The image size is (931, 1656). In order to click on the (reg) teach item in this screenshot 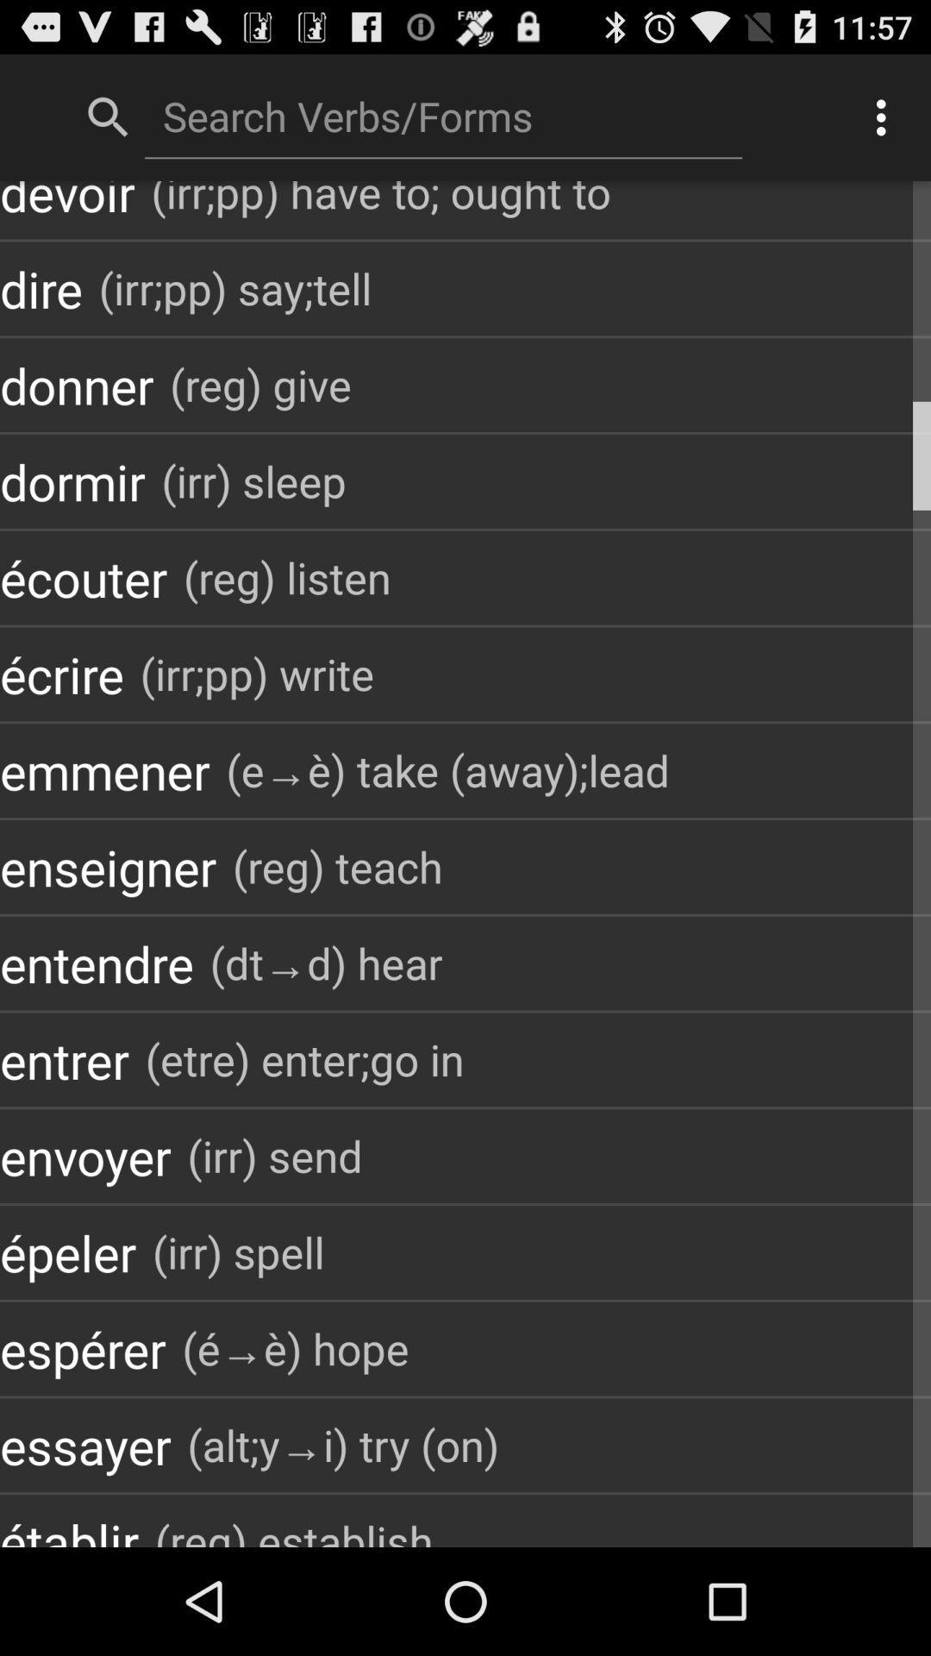, I will do `click(337, 867)`.